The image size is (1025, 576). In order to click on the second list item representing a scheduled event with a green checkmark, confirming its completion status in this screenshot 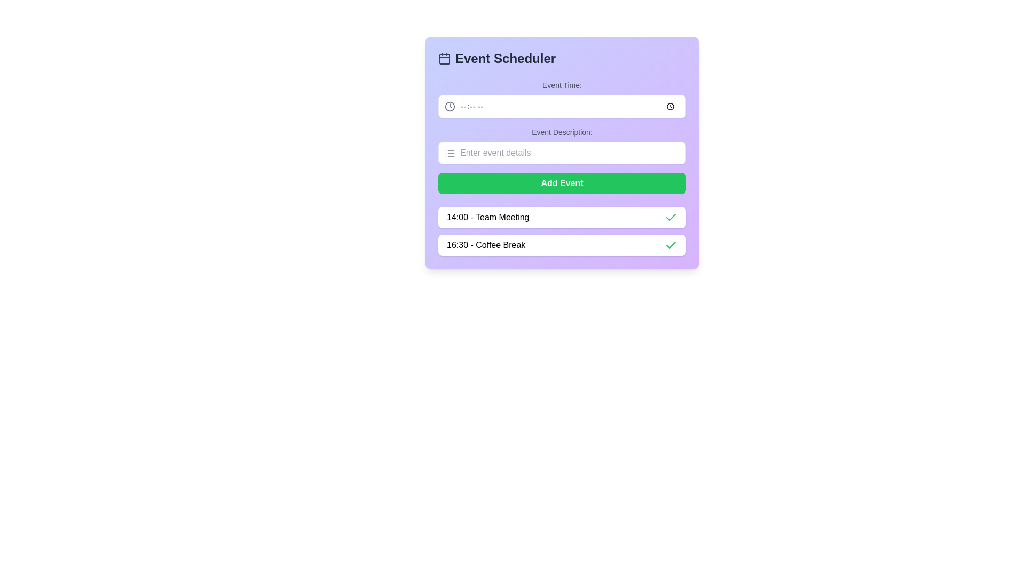, I will do `click(561, 245)`.